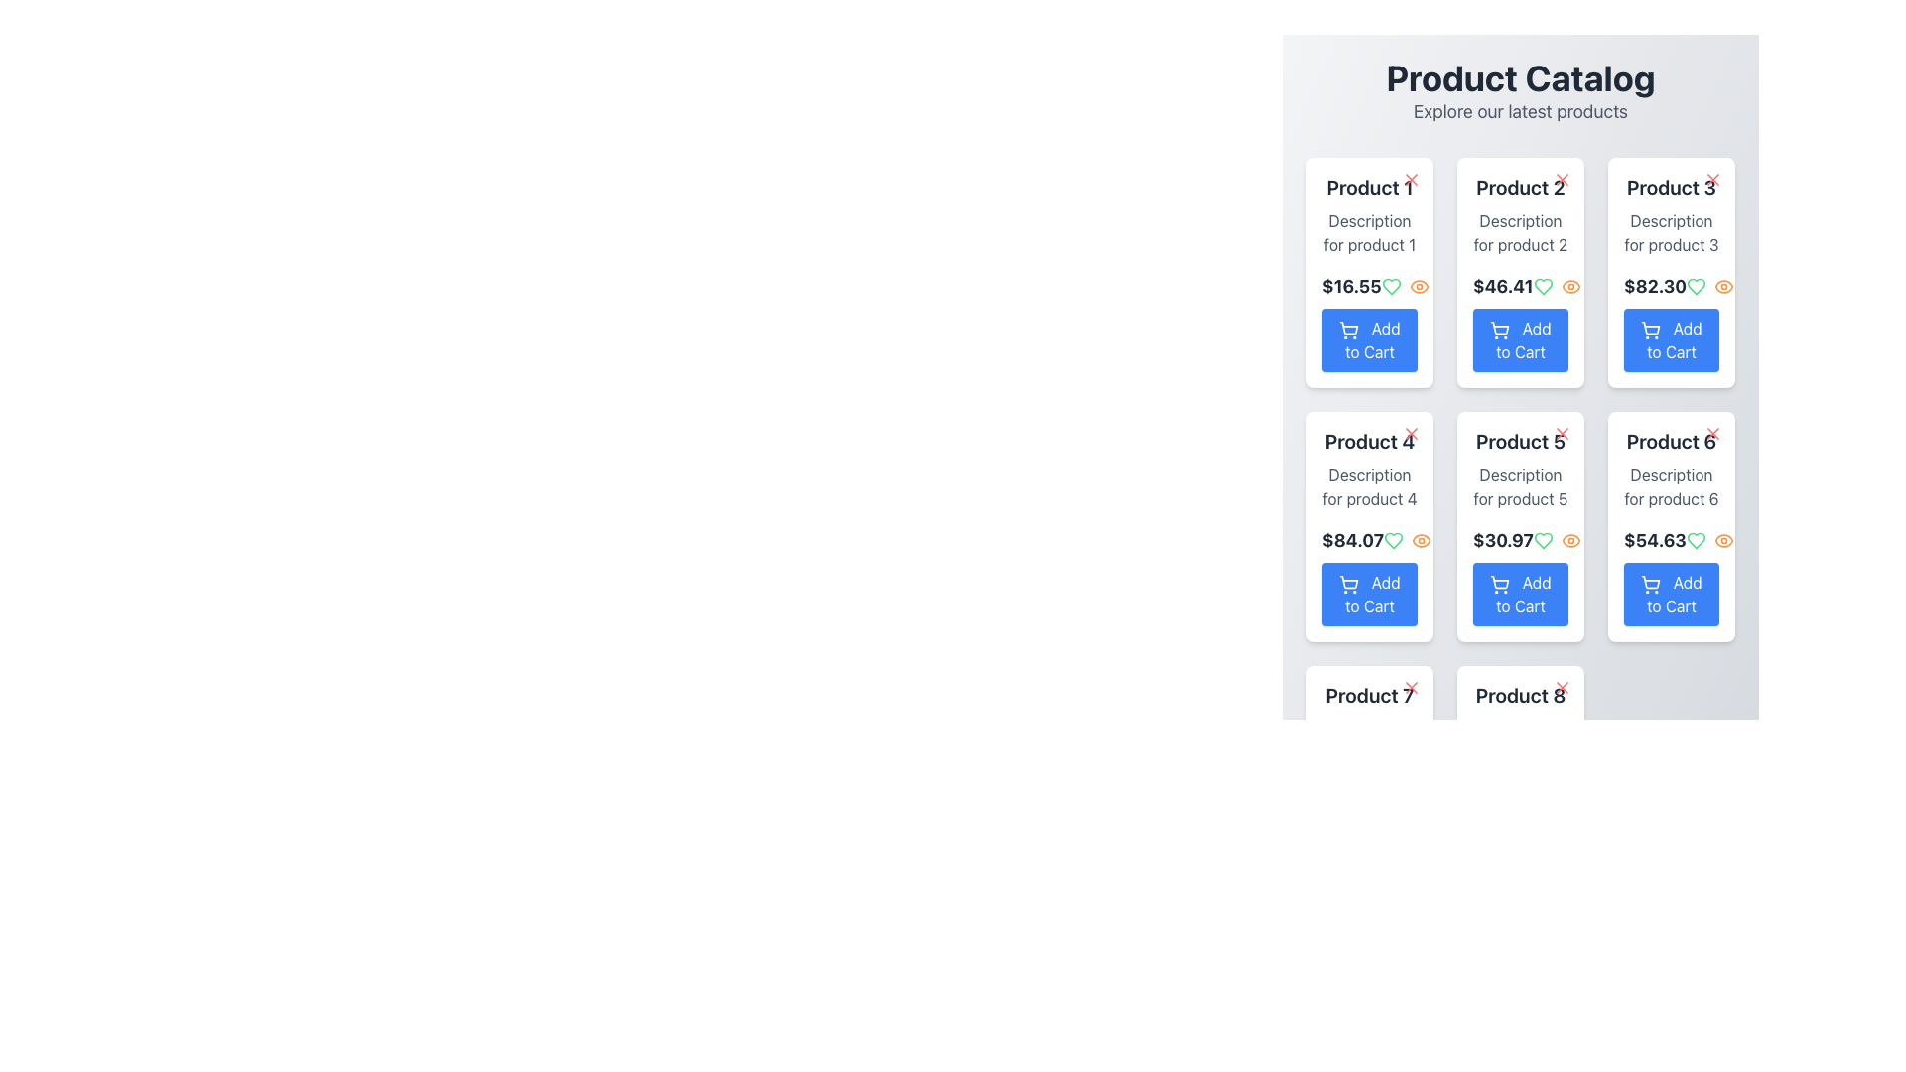 This screenshot has width=1906, height=1072. I want to click on the favorite icon located to the right of the price text in the sixth product card of the grid layout, positioned in the second row and third column, so click(1695, 540).